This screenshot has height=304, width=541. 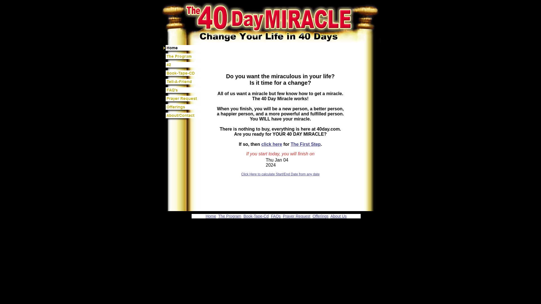 I want to click on 'Book-Tape-CD', so click(x=181, y=74).